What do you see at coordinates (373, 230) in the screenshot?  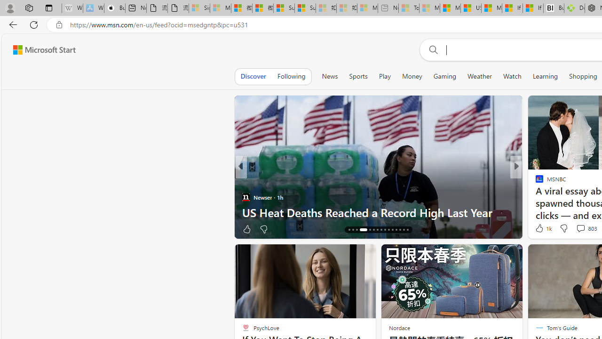 I see `'AutomationID: tab-21'` at bounding box center [373, 230].